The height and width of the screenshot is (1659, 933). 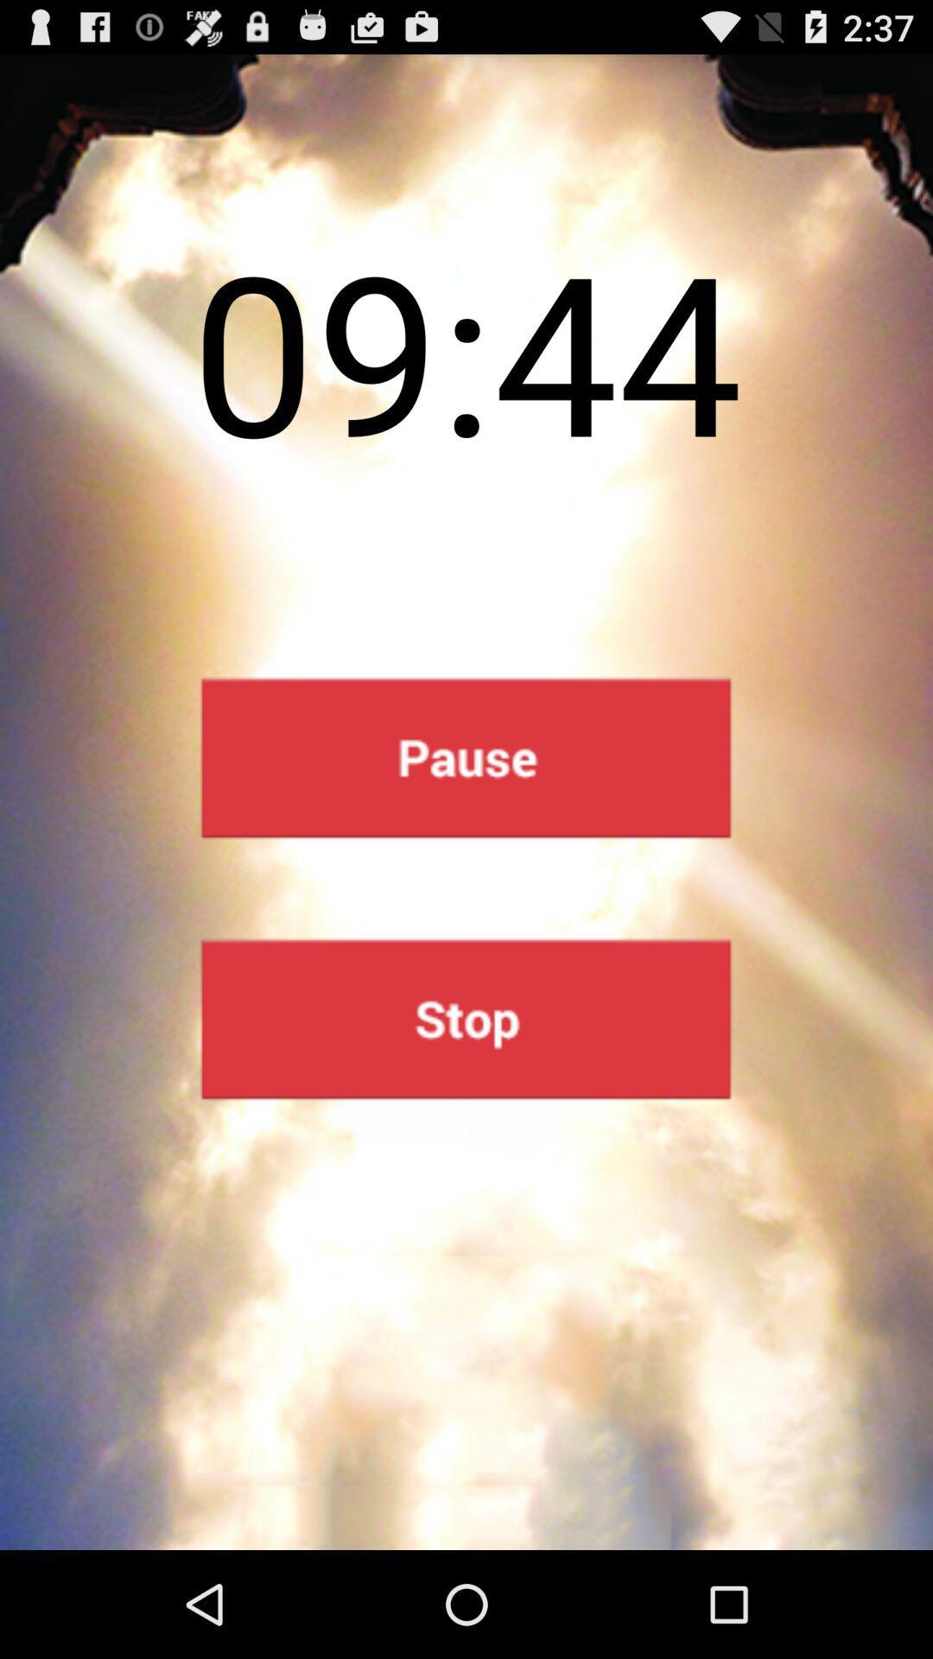 I want to click on pause, so click(x=465, y=758).